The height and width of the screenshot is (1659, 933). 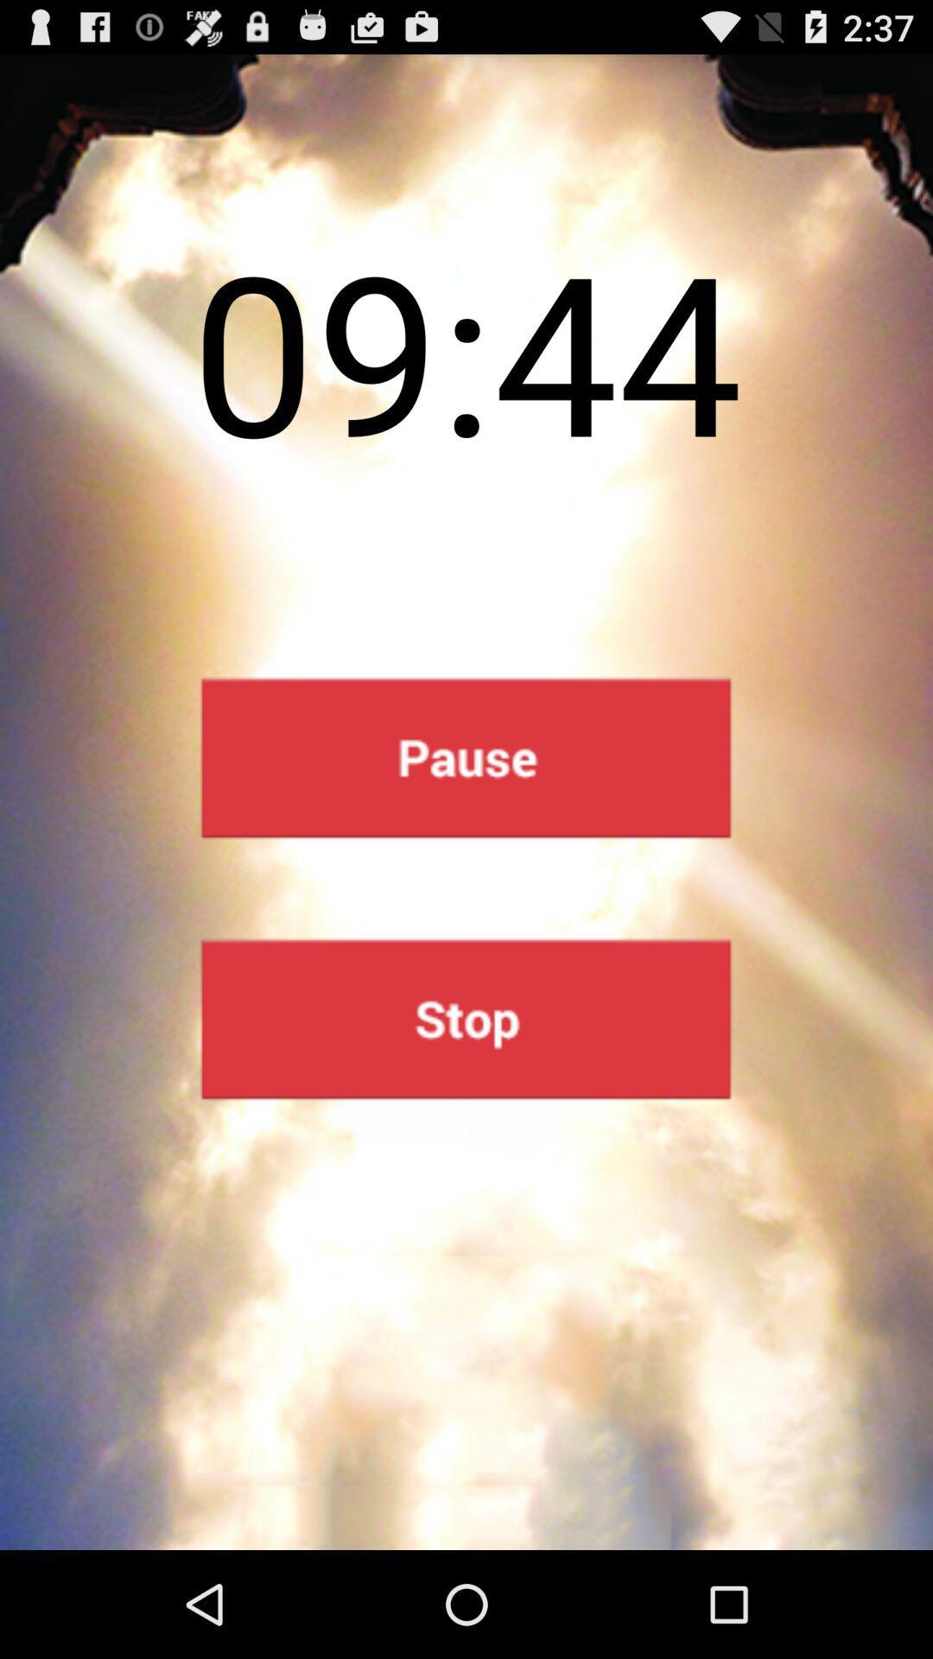 I want to click on pause, so click(x=465, y=758).